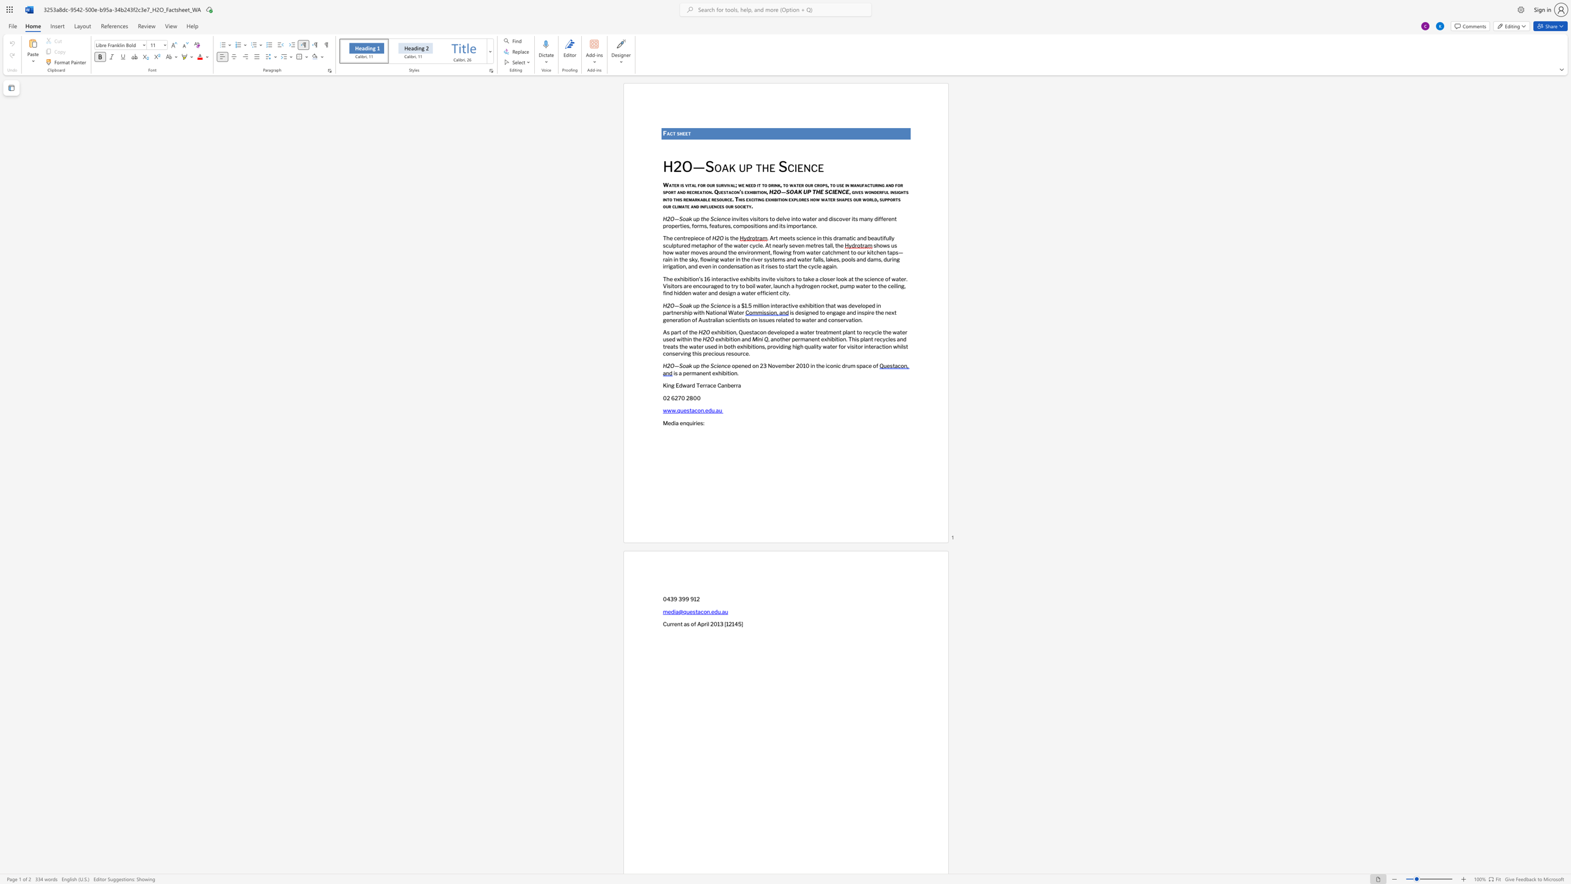  What do you see at coordinates (685, 397) in the screenshot?
I see `the subset text "28" within the text "02 6270 2800"` at bounding box center [685, 397].